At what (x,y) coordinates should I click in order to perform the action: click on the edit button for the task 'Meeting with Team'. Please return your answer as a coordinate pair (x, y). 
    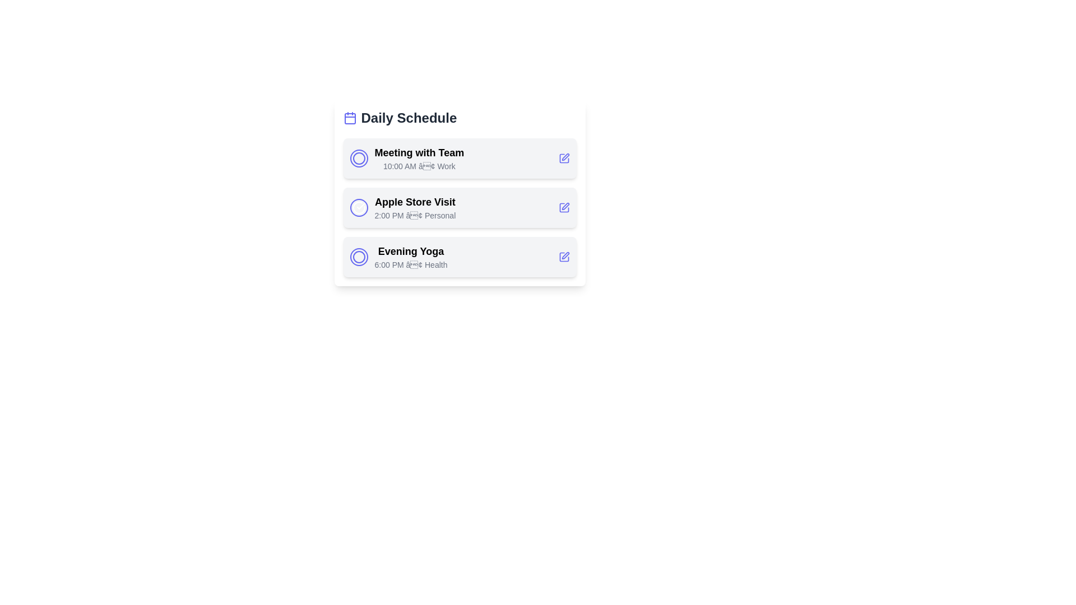
    Looking at the image, I should click on (564, 158).